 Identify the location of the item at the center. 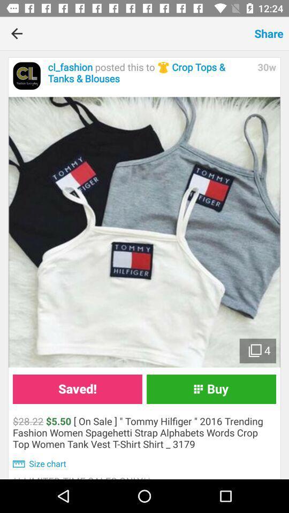
(144, 232).